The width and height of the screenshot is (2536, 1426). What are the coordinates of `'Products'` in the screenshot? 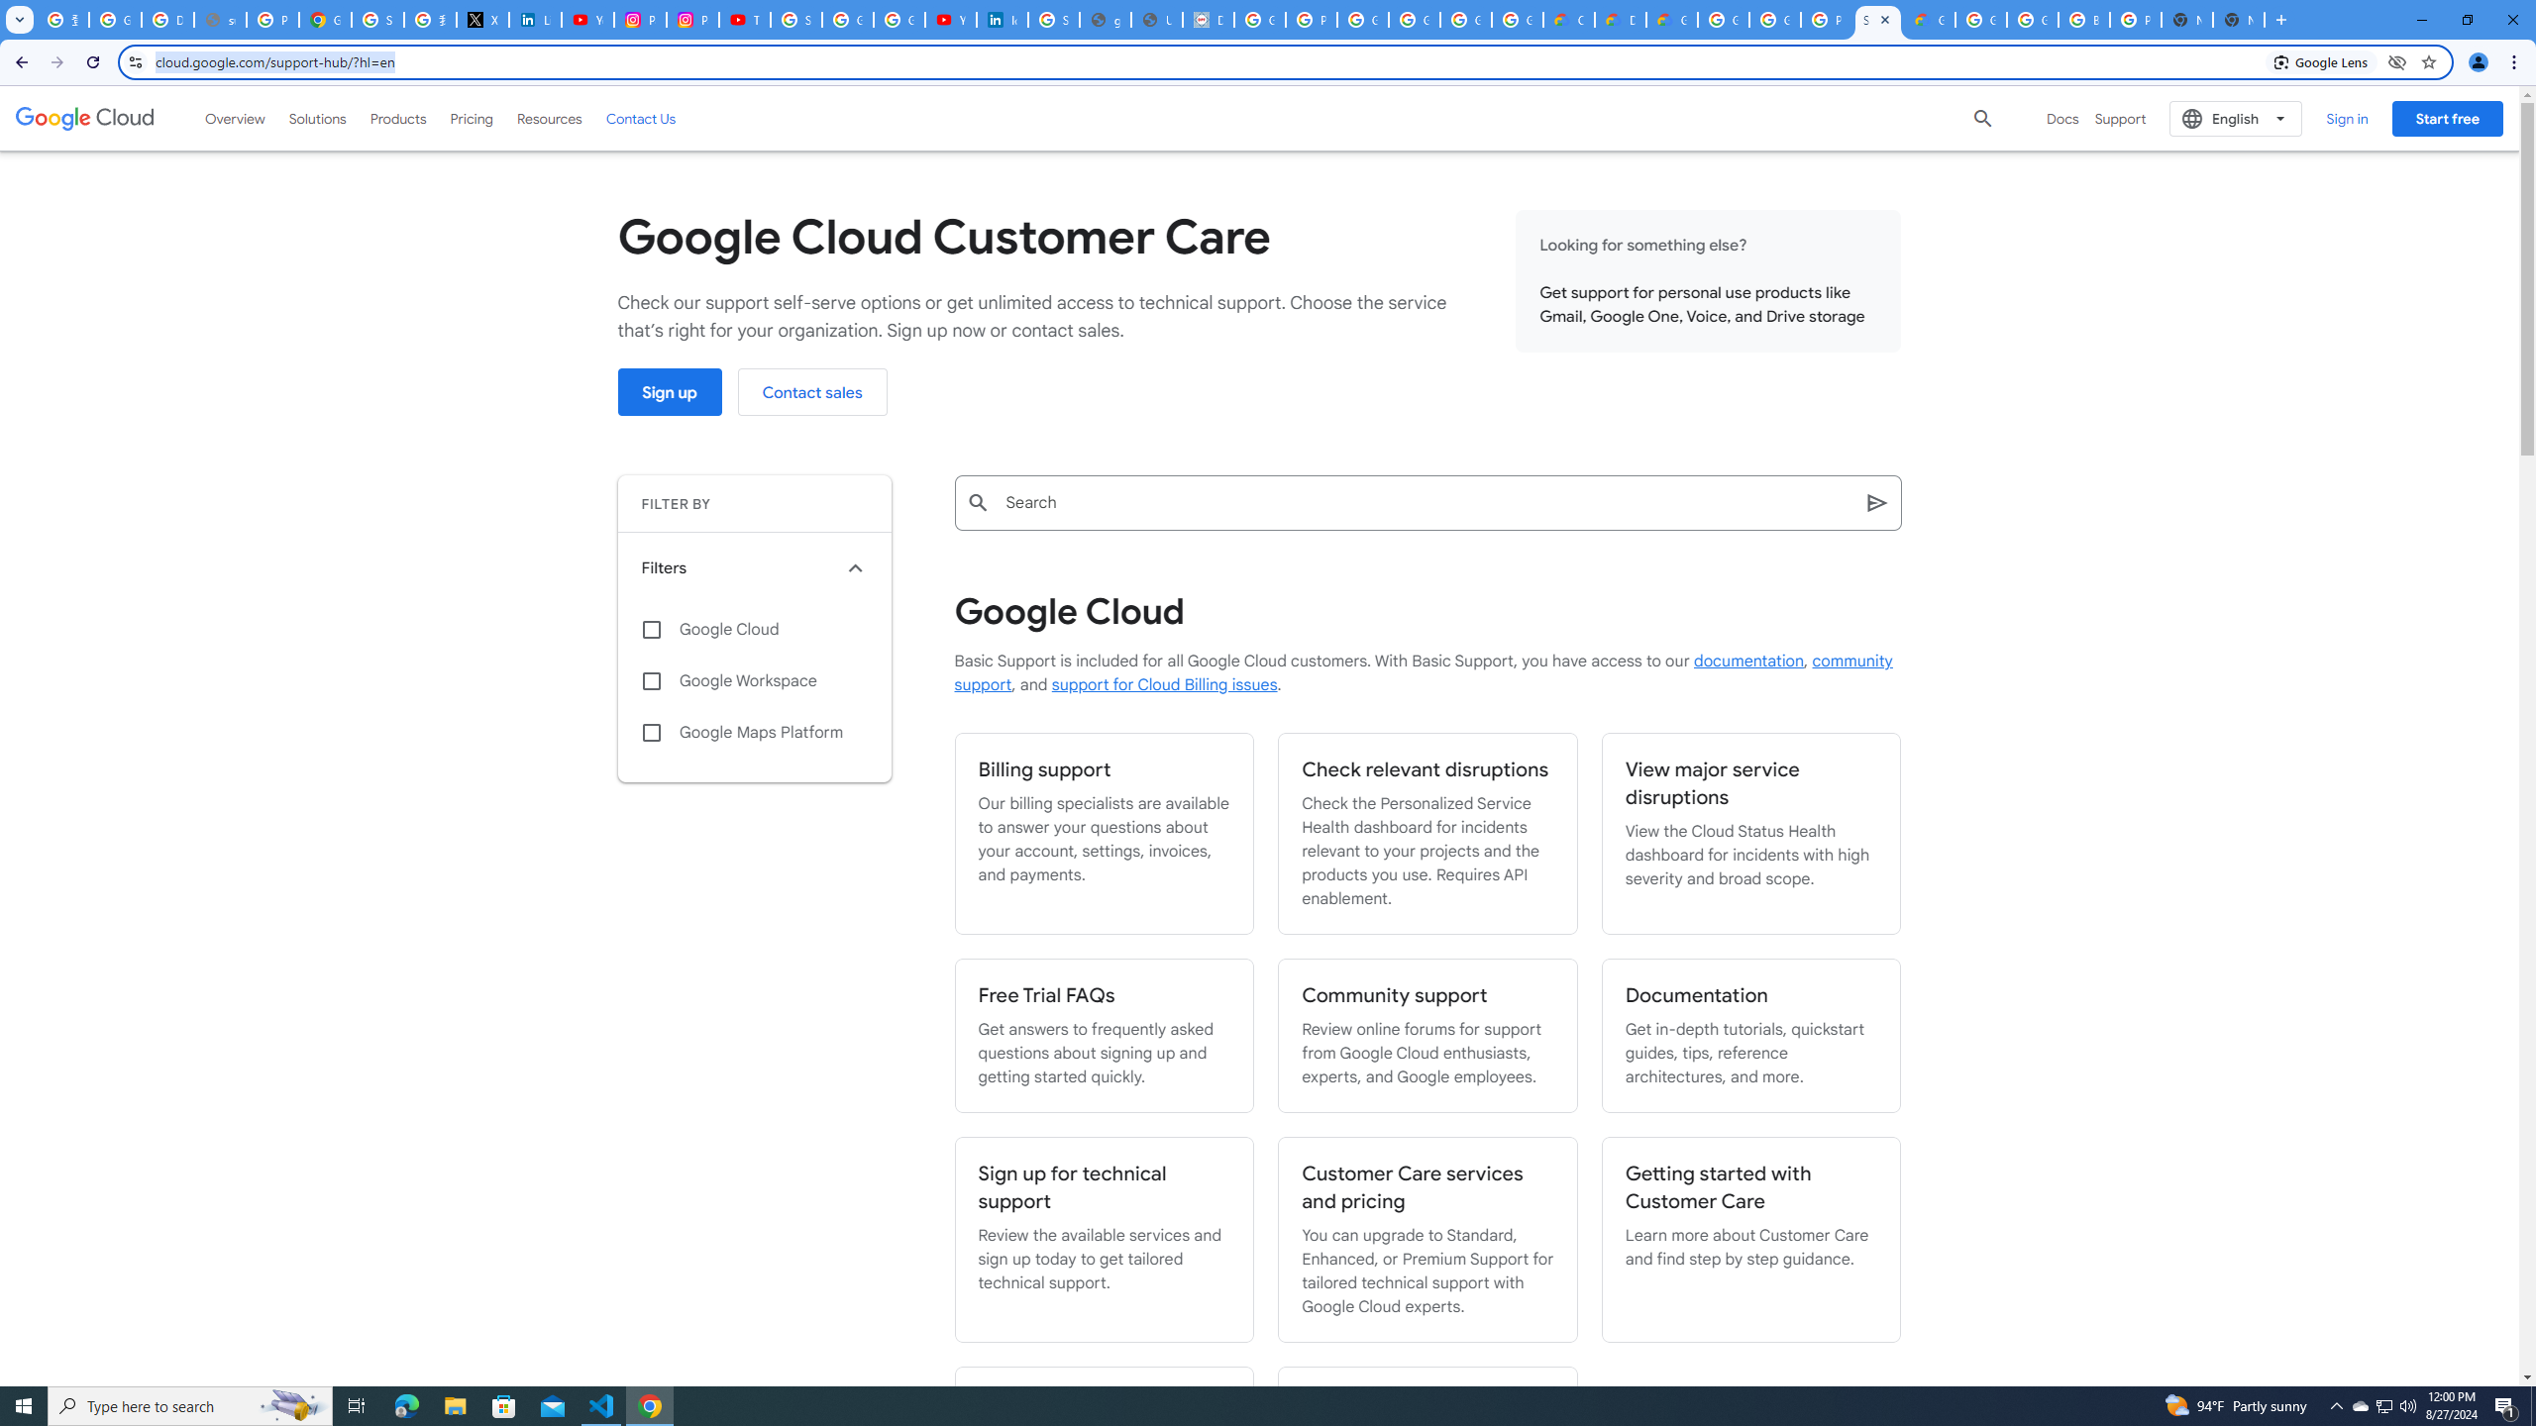 It's located at (396, 117).